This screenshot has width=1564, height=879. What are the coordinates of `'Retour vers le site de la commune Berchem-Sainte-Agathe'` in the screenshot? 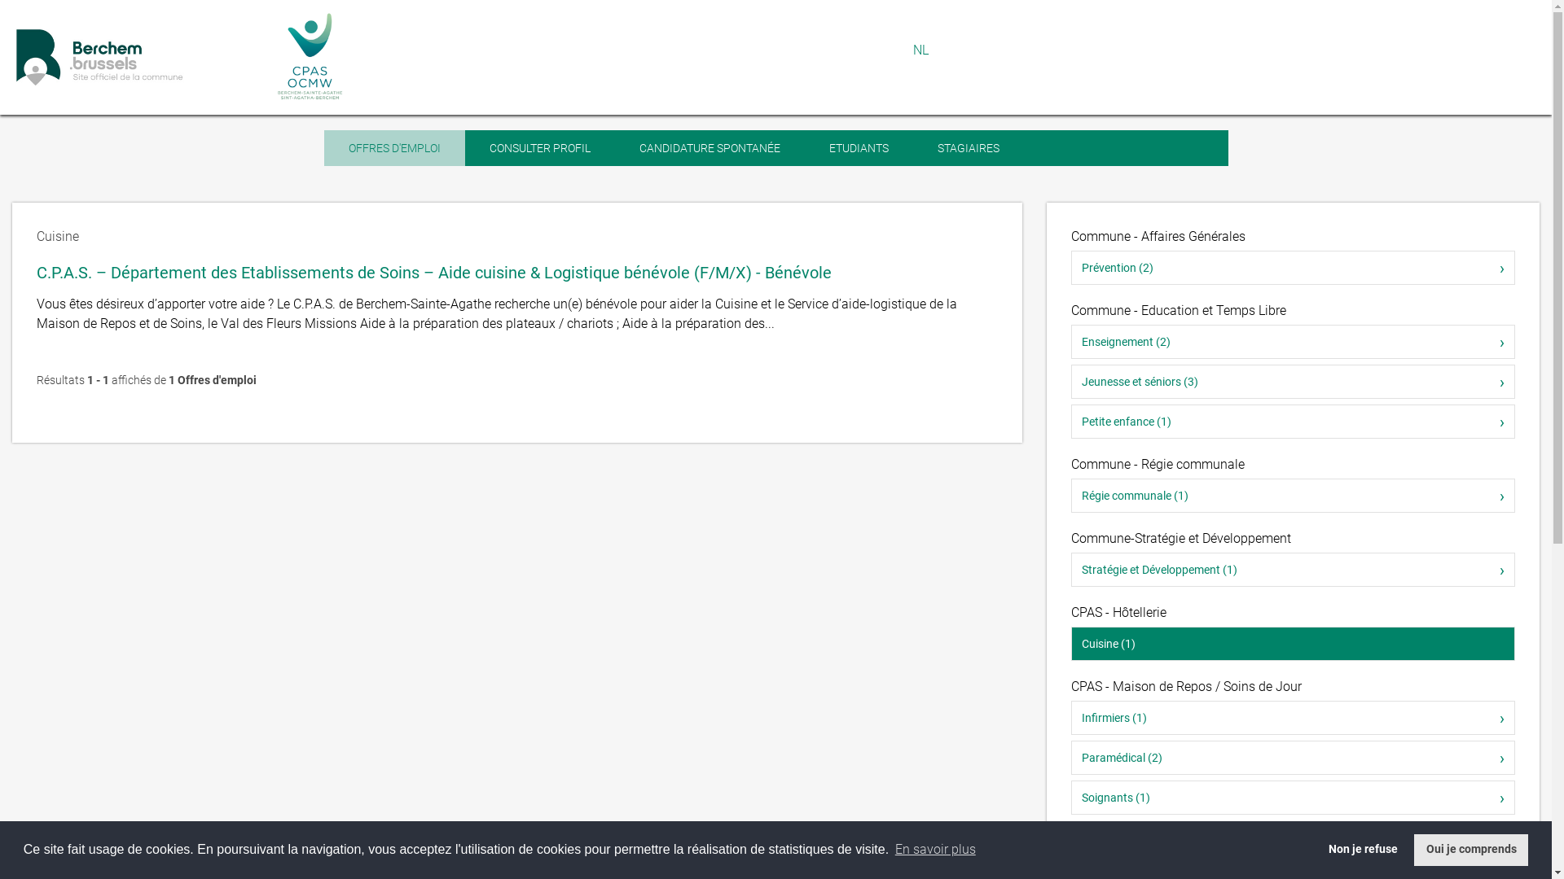 It's located at (136, 55).